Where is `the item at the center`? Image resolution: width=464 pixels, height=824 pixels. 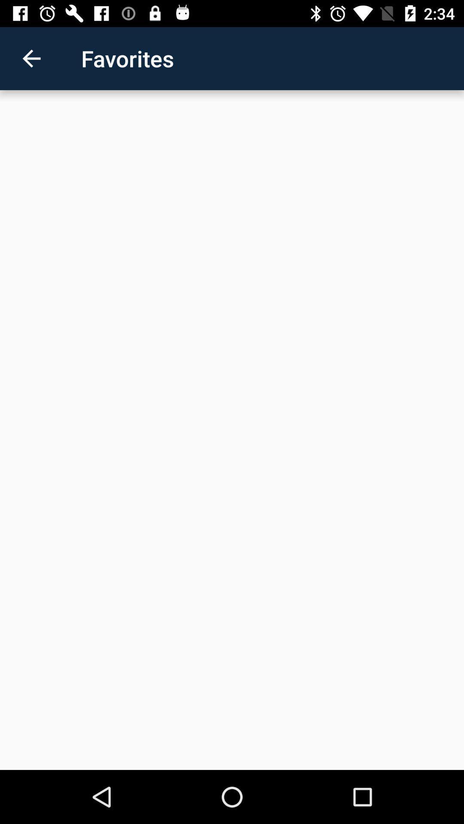
the item at the center is located at coordinates (232, 430).